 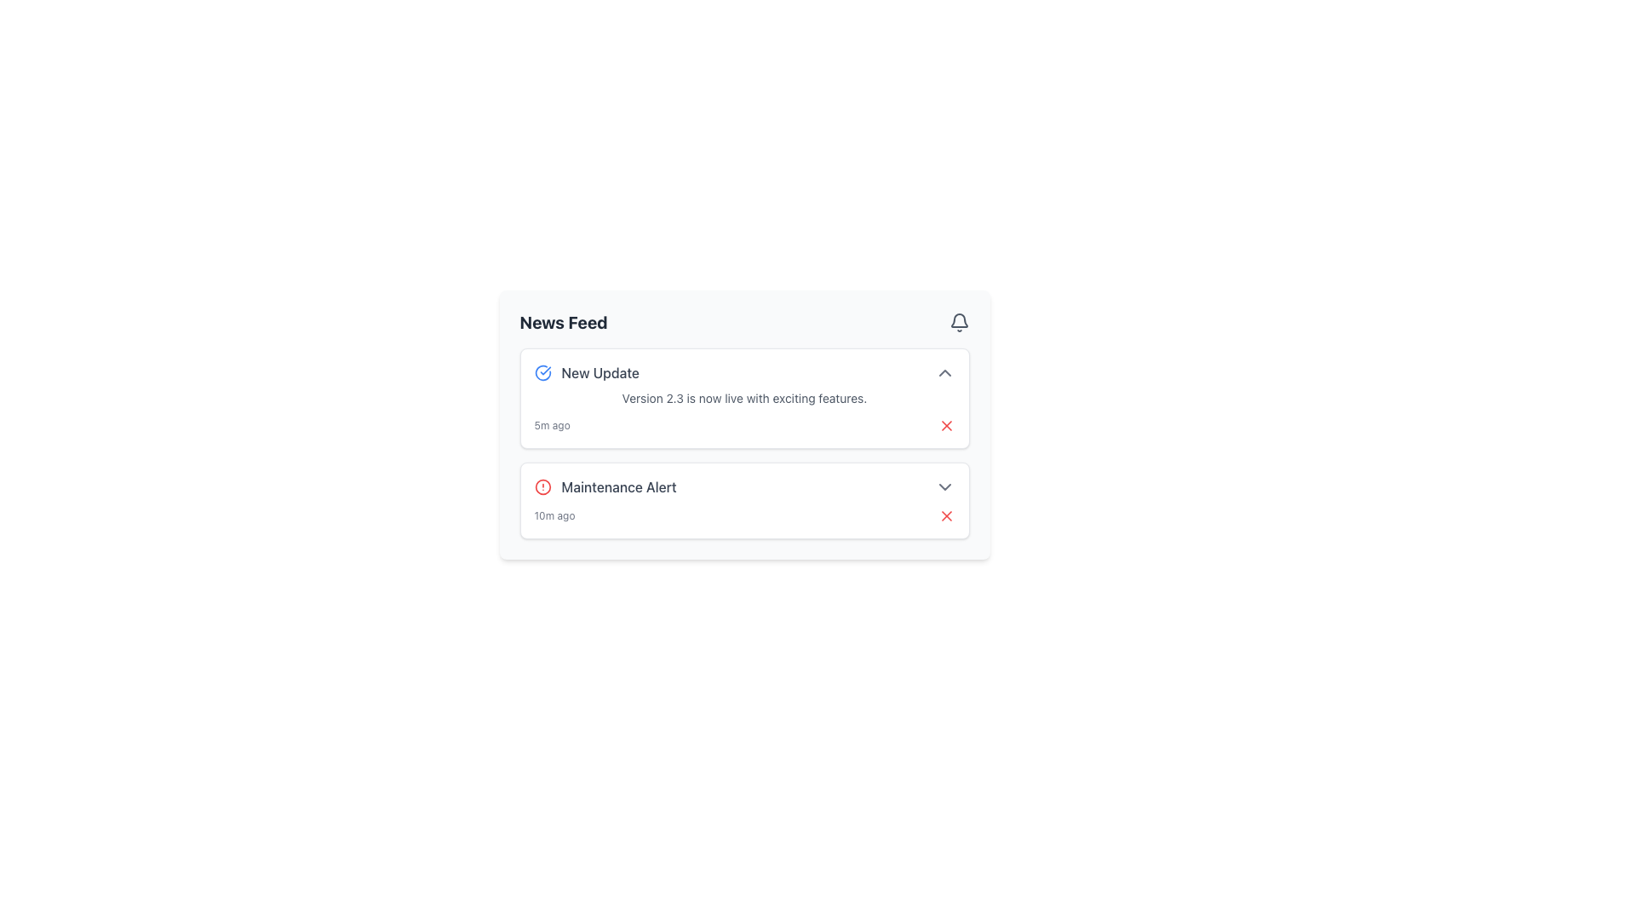 What do you see at coordinates (744, 515) in the screenshot?
I see `the timestamp display for the 'Maintenance Alert' found at the bottom of the 'Maintenance Alert' card in the 'News Feed' section` at bounding box center [744, 515].